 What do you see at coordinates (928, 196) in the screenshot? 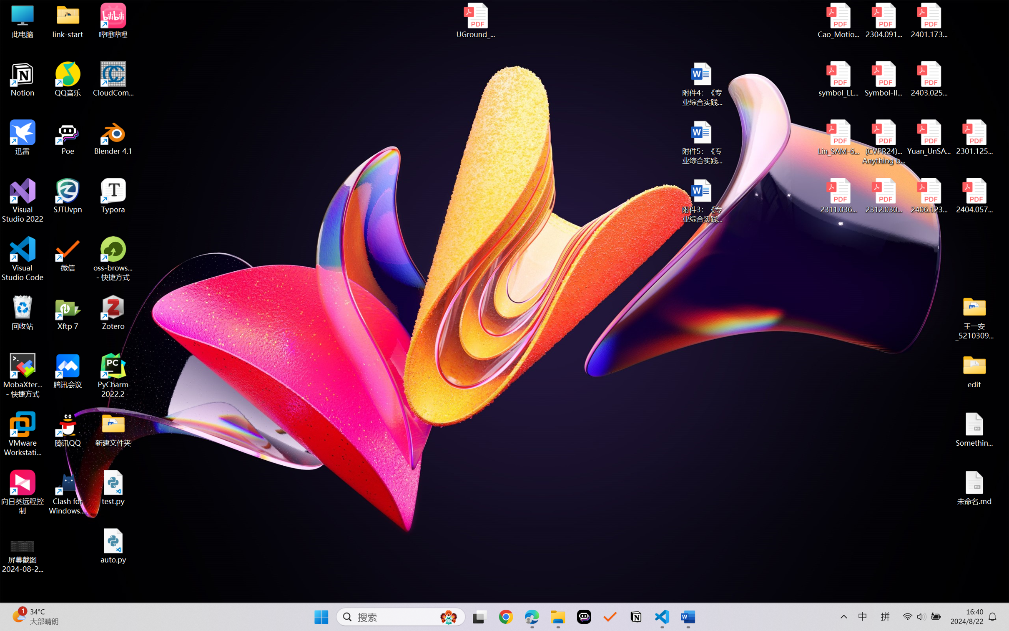
I see `'2406.12373v2.pdf'` at bounding box center [928, 196].